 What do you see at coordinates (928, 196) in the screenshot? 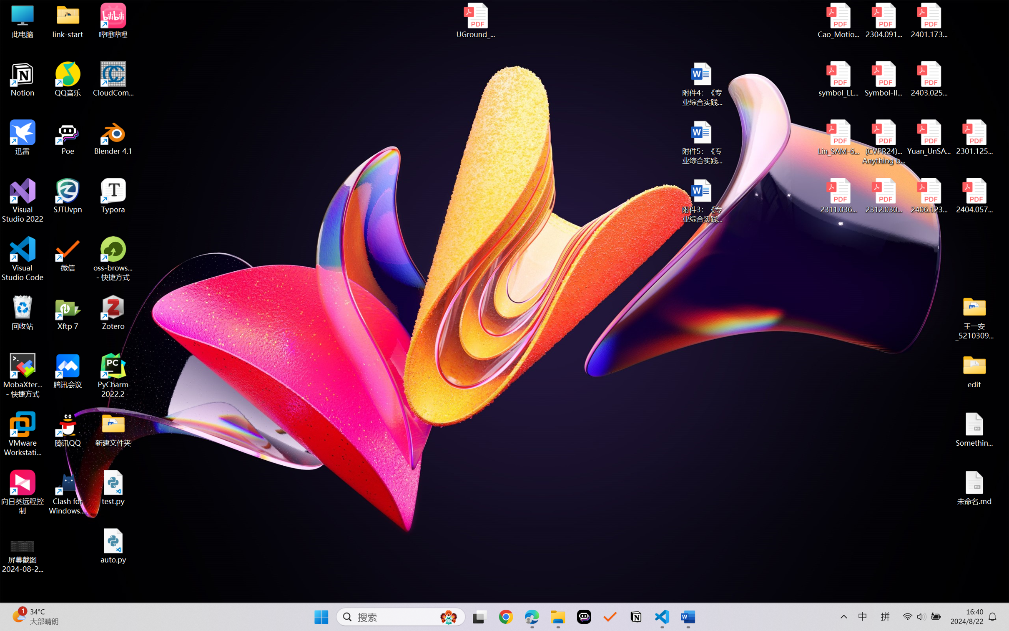
I see `'2406.12373v2.pdf'` at bounding box center [928, 196].